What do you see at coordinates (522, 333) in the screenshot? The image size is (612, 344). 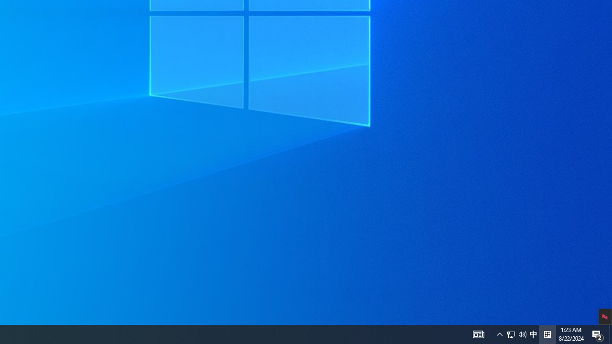 I see `'Tray Input Indicator - Chinese (Simplified, China)'` at bounding box center [522, 333].